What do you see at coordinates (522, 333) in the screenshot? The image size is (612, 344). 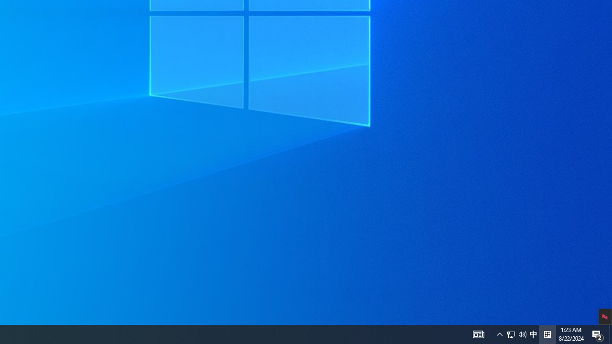 I see `'Tray Input Indicator - Chinese (Simplified, China)'` at bounding box center [522, 333].